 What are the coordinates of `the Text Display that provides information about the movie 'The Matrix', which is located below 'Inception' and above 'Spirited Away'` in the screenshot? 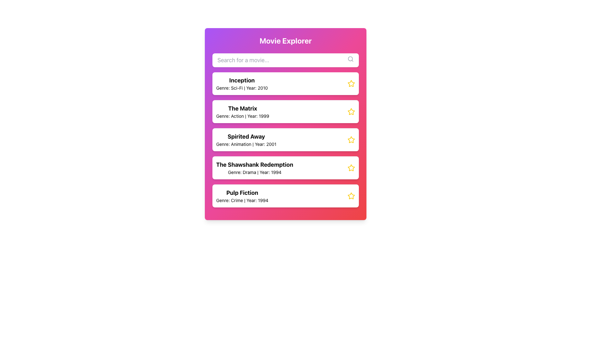 It's located at (242, 111).